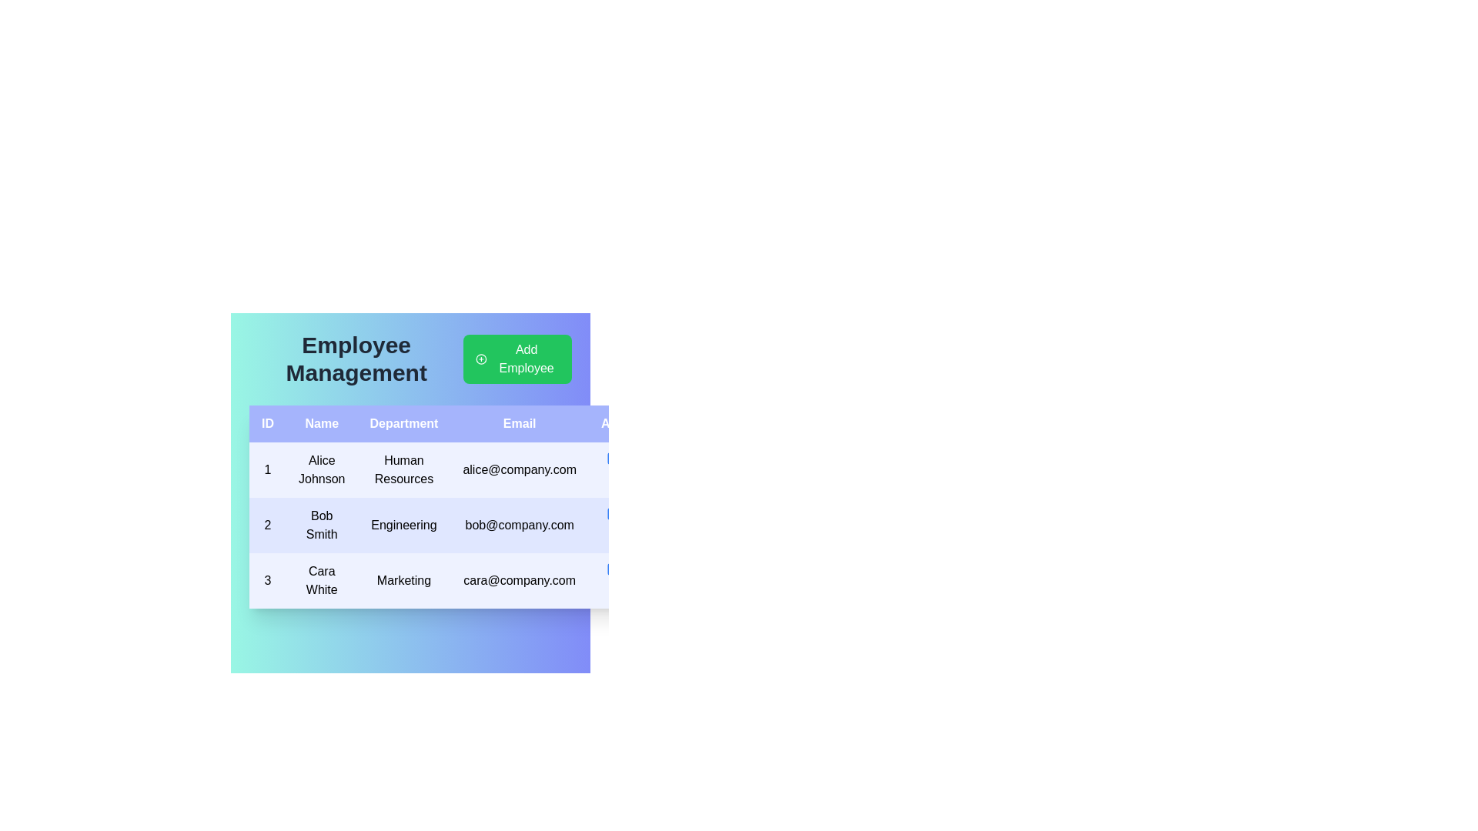 This screenshot has width=1478, height=831. Describe the element at coordinates (356, 359) in the screenshot. I see `the Text element that serves as a title or heading for employee management, located on the left side of the header section` at that location.